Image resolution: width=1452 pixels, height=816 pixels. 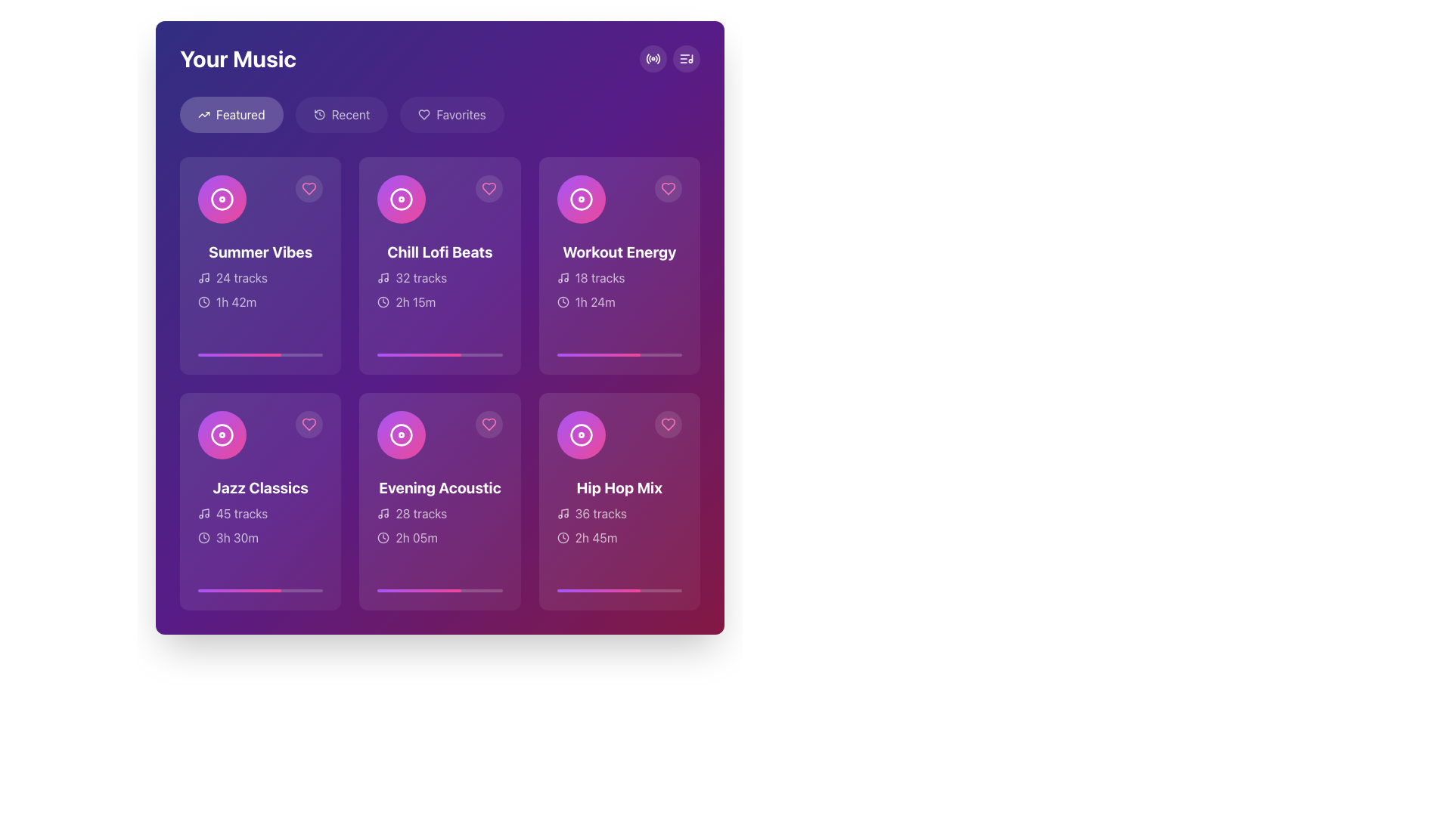 What do you see at coordinates (383, 302) in the screenshot?
I see `the clock icon located to the left of the '2h 15m' text within the 'Chill Lofi Beats' card in the second column of the top row` at bounding box center [383, 302].